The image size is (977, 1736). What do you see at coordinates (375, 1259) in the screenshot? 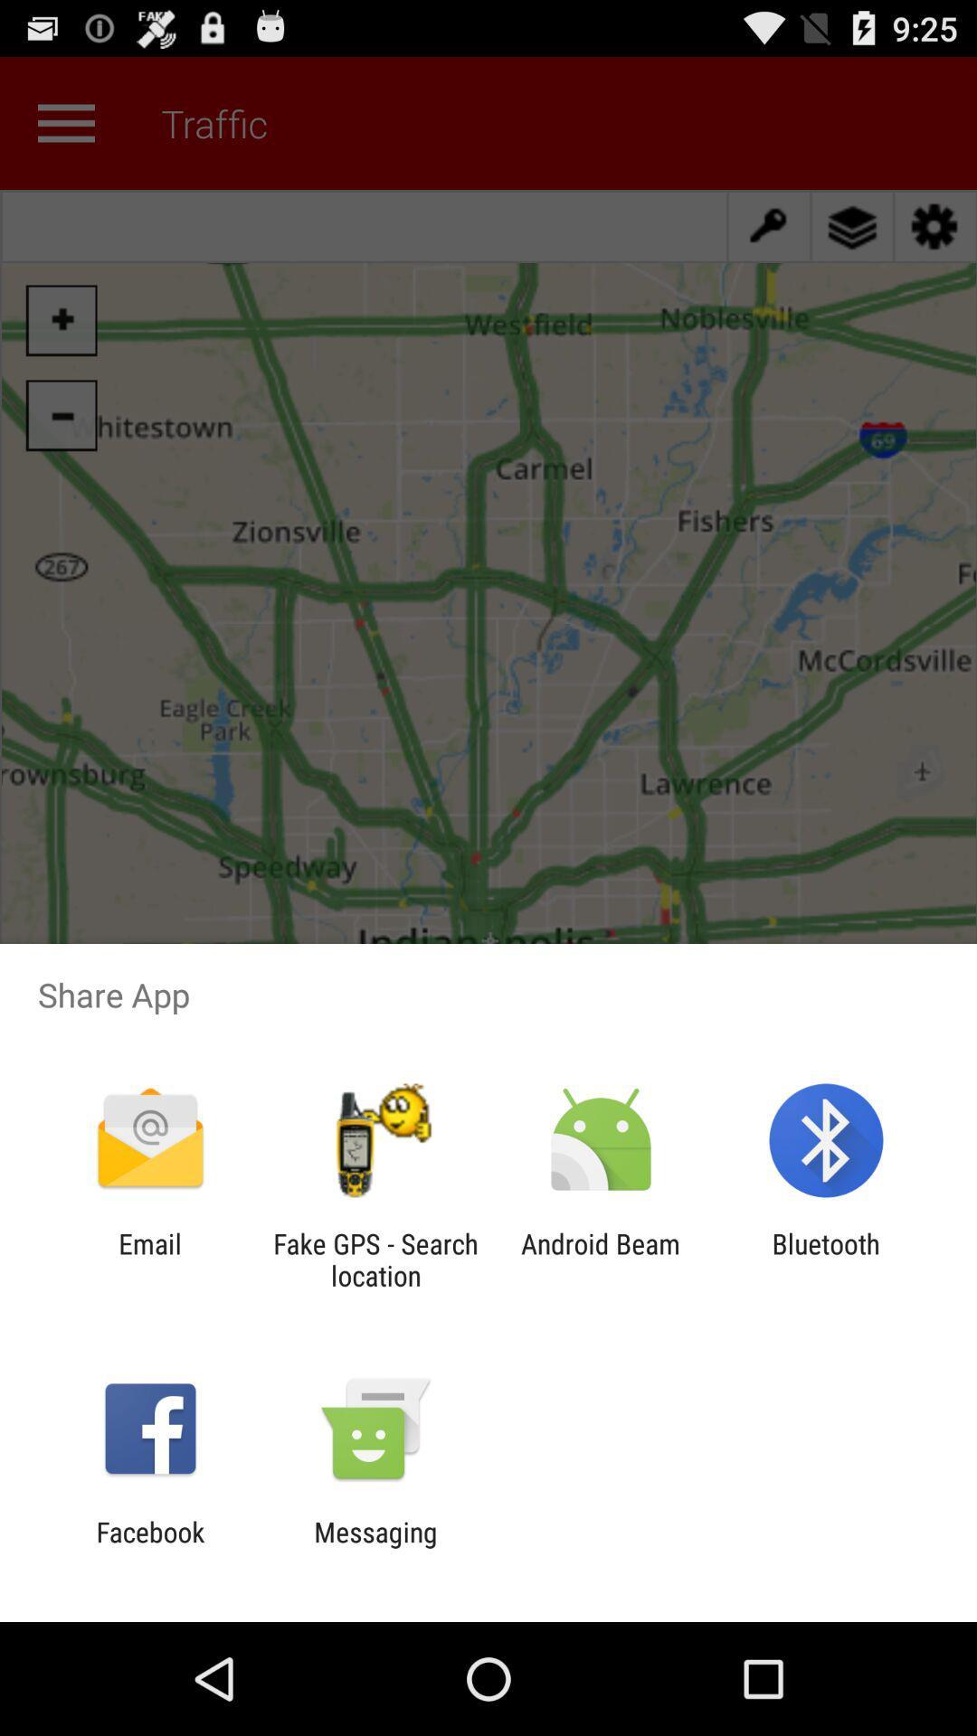
I see `icon next to android beam icon` at bounding box center [375, 1259].